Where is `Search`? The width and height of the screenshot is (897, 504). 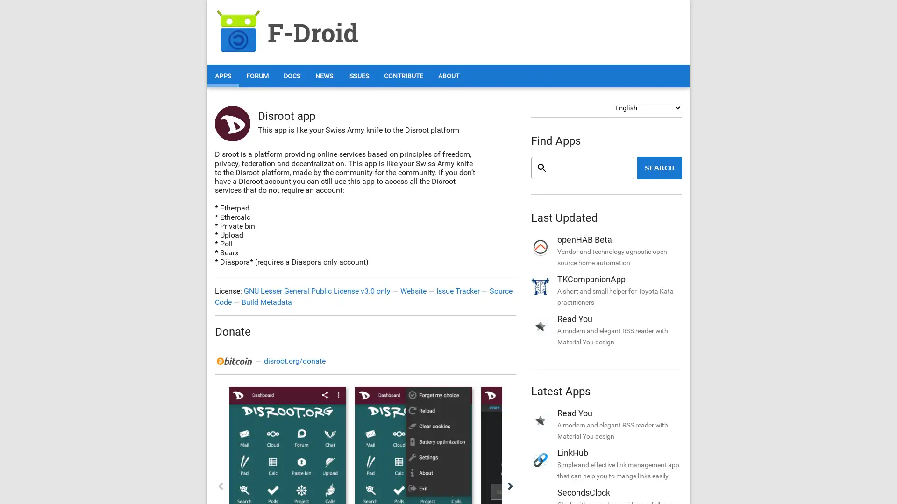
Search is located at coordinates (659, 167).